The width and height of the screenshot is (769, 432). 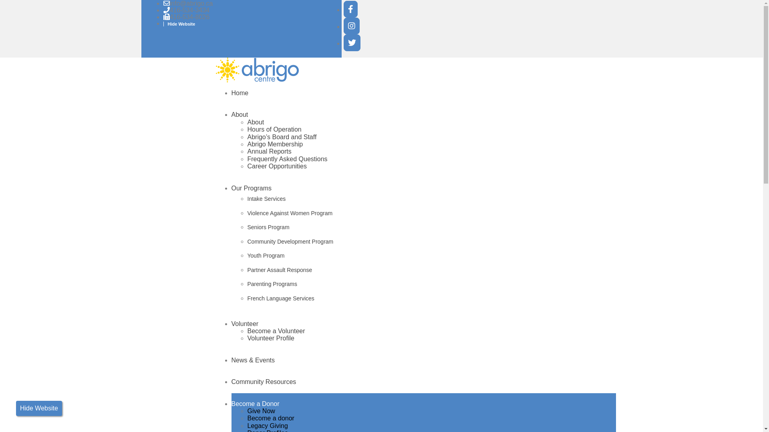 What do you see at coordinates (264, 381) in the screenshot?
I see `'Community Resources'` at bounding box center [264, 381].